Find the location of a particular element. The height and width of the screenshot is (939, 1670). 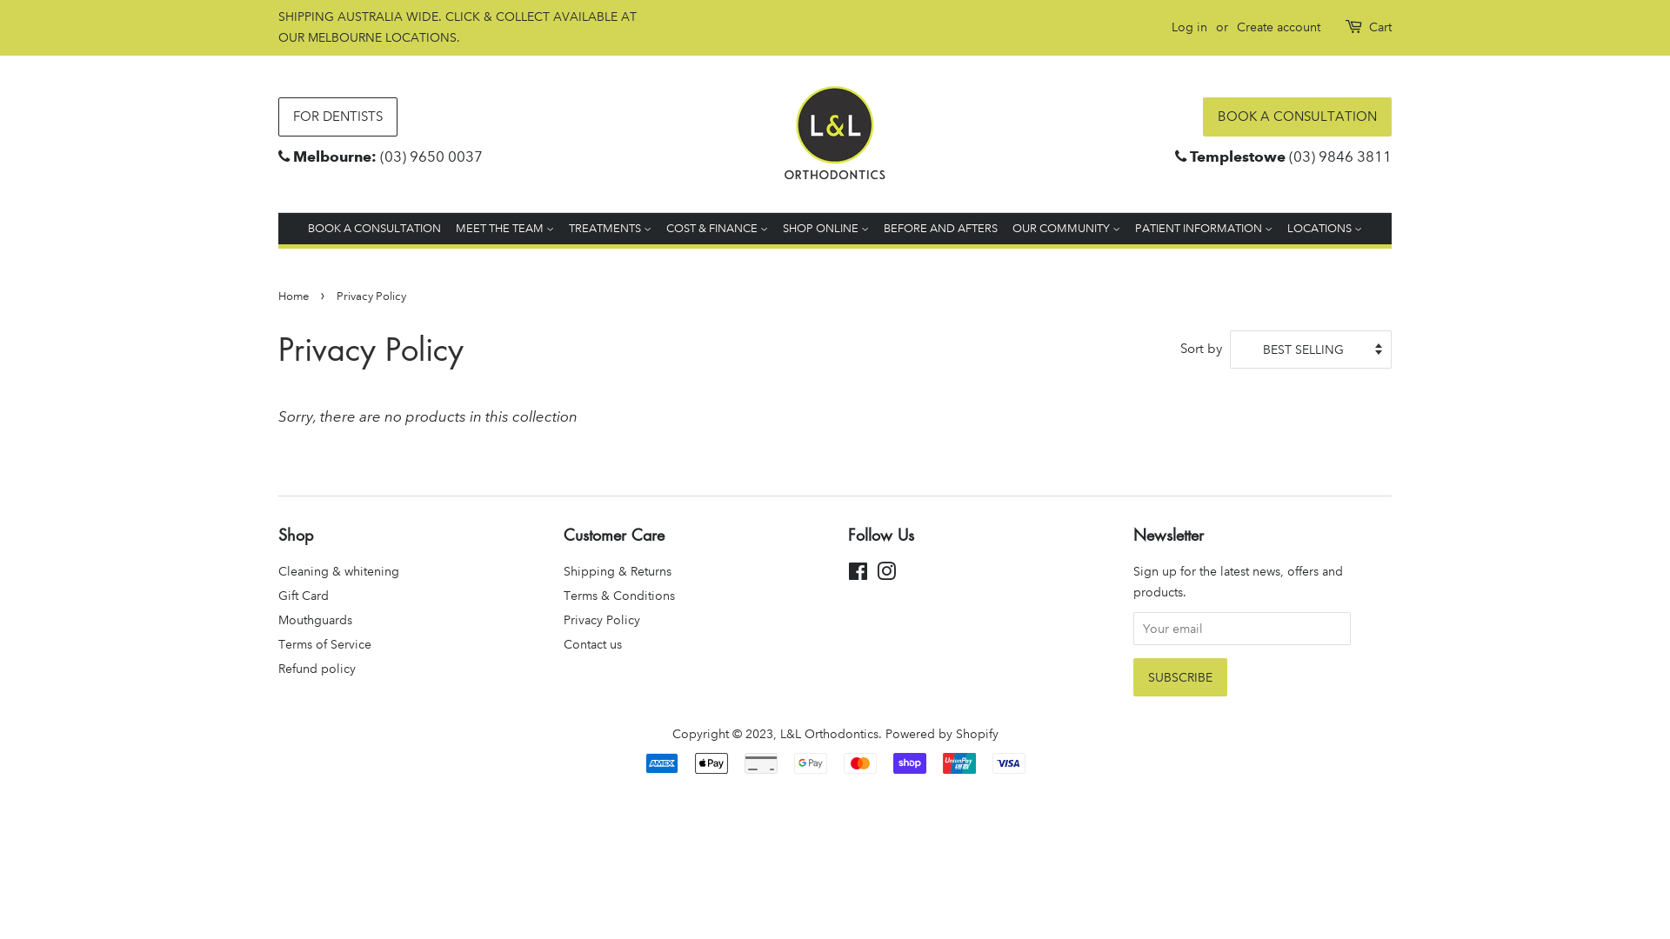

'BEFORE AND AFTERS' is located at coordinates (939, 228).